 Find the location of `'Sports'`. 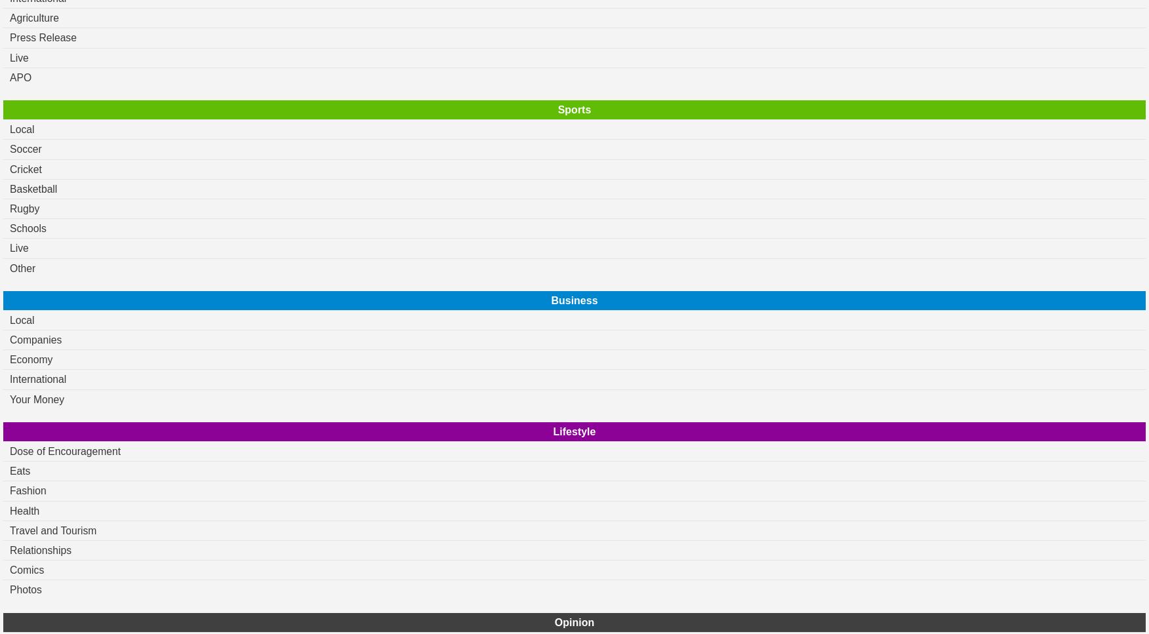

'Sports' is located at coordinates (573, 109).